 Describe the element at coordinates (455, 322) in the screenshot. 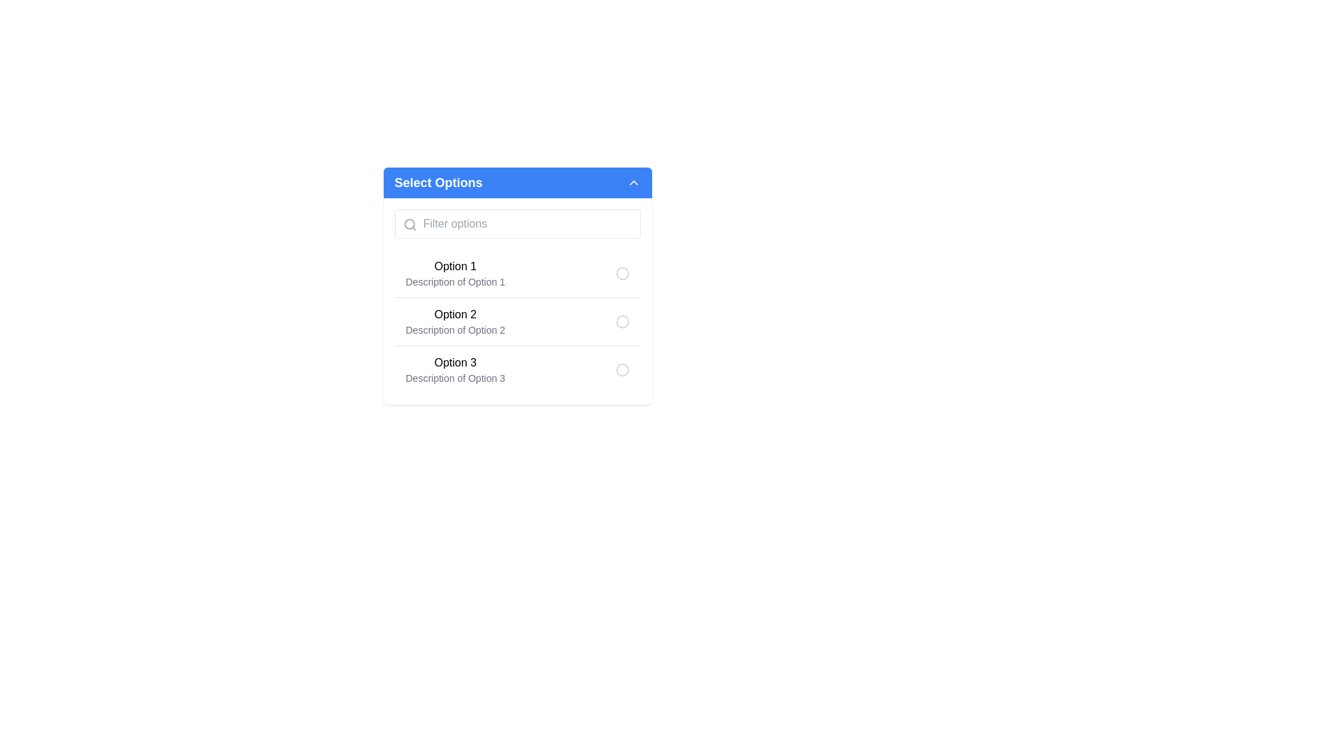

I see `the list item containing the text 'Option 2' in the dropdown titled 'Select Options'` at that location.